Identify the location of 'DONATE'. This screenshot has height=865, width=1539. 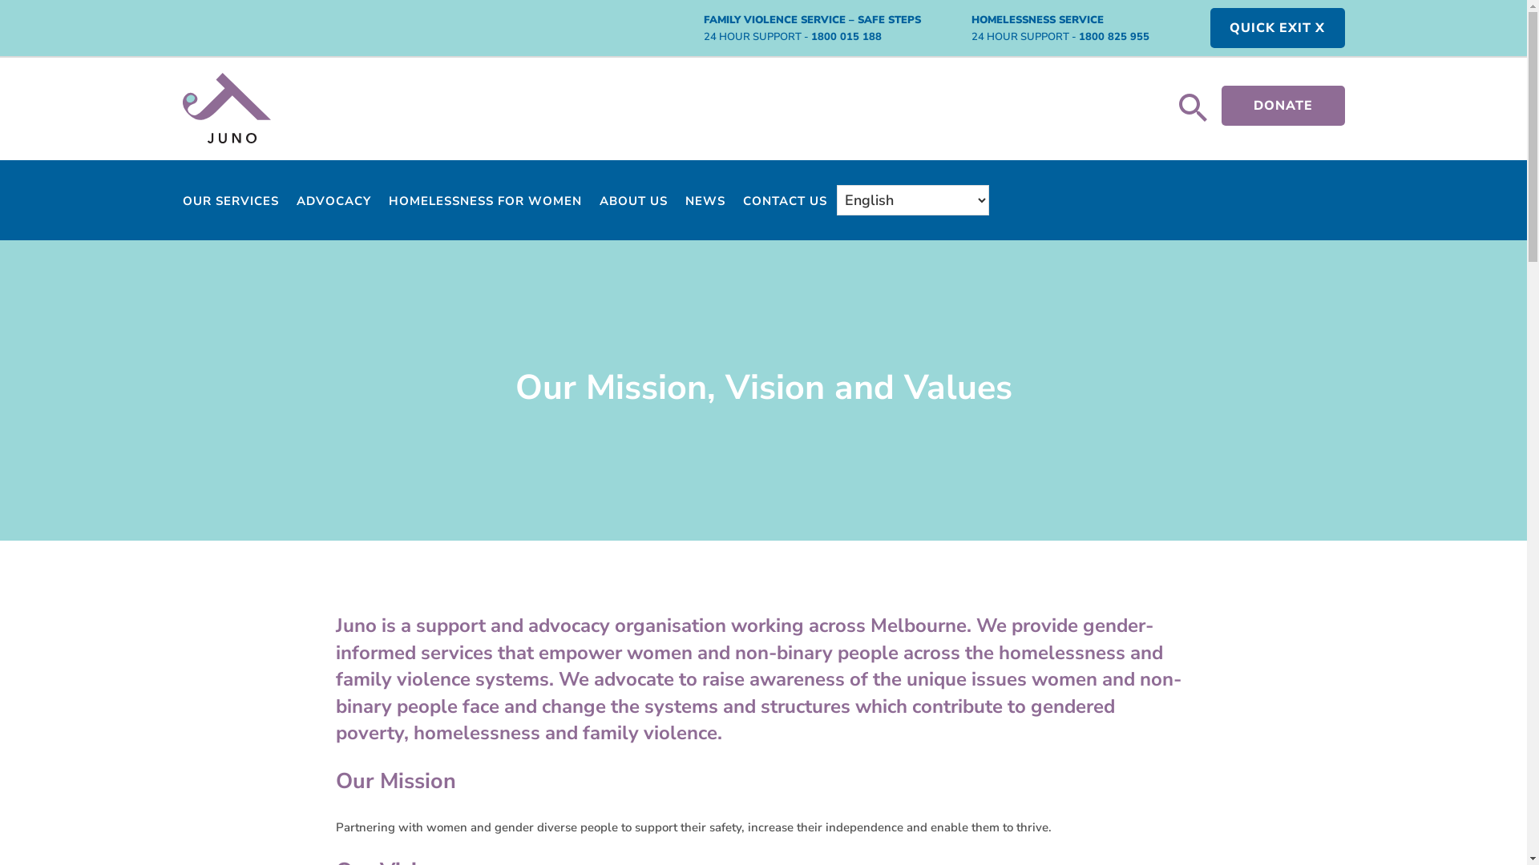
(1283, 105).